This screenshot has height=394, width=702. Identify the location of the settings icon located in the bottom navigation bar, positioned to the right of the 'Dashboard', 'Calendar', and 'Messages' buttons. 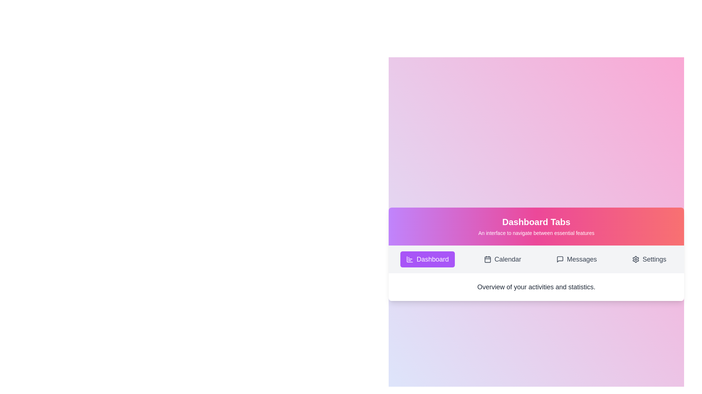
(635, 259).